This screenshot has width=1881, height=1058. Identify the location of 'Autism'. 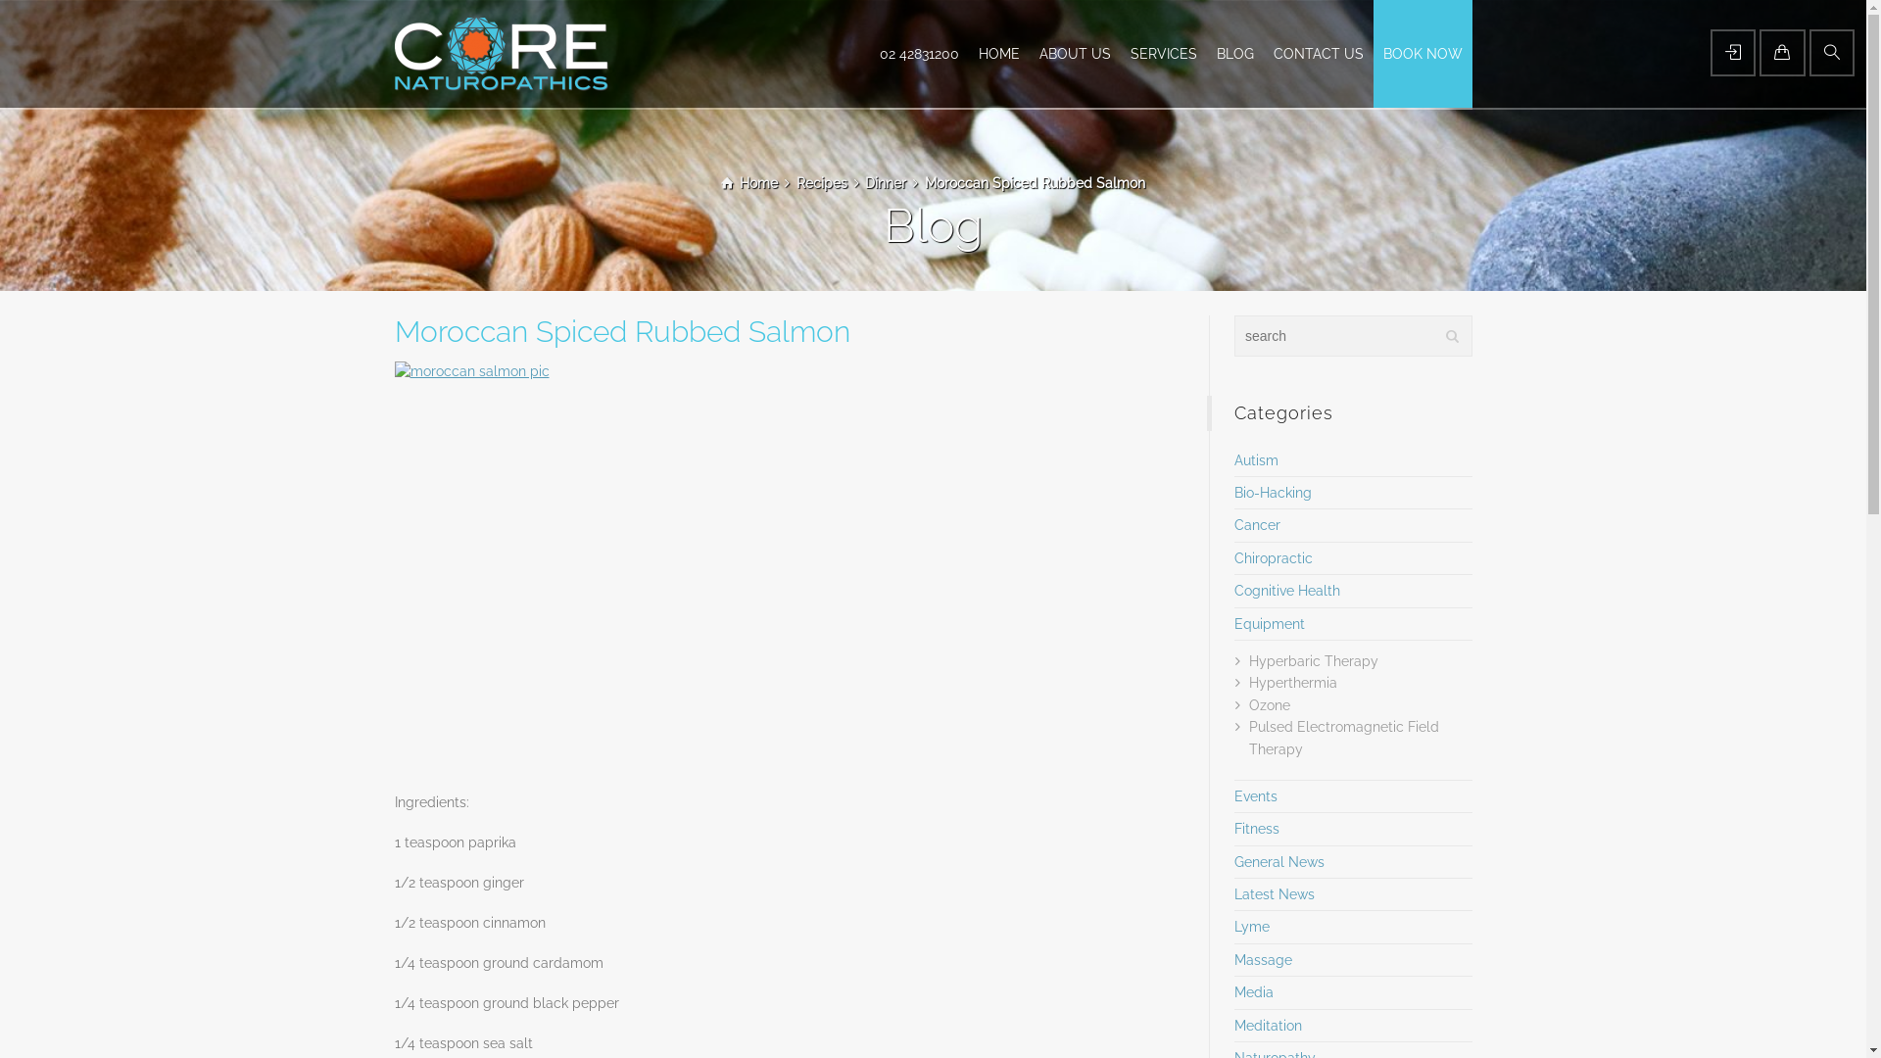
(1256, 460).